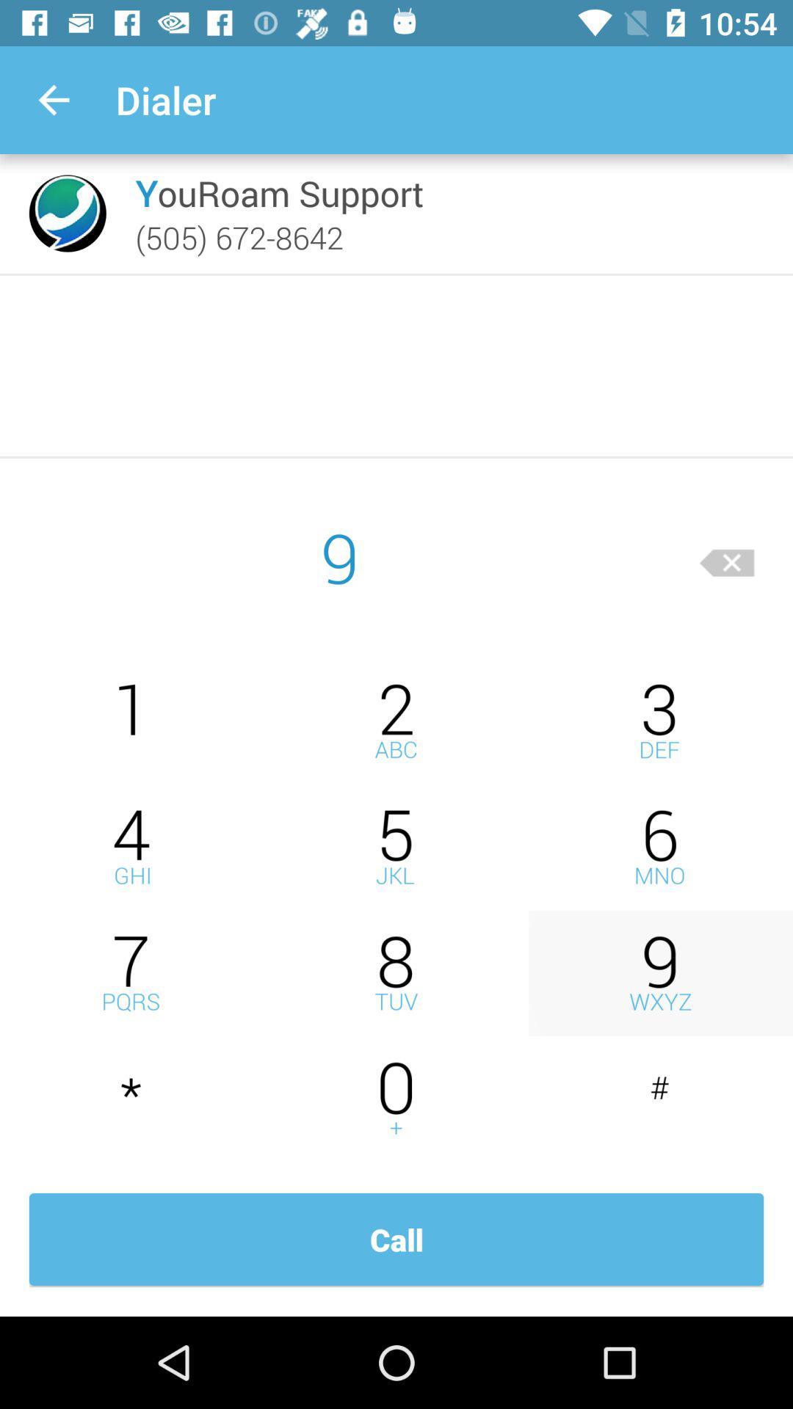  I want to click on numeral 1, so click(132, 721).